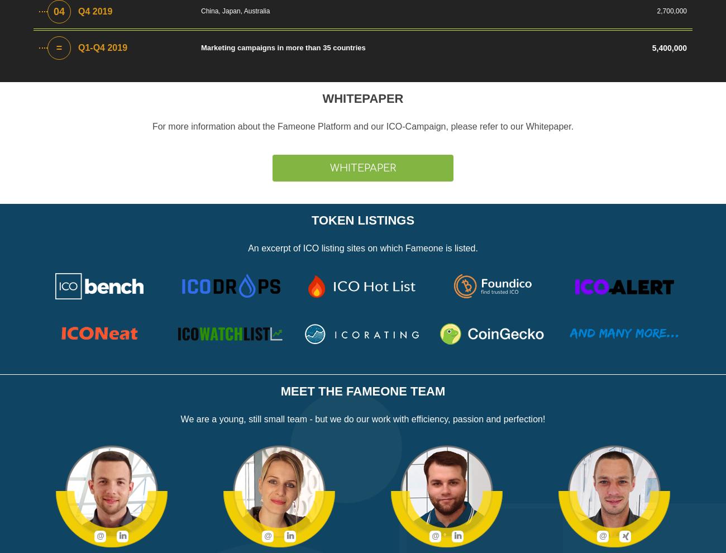 The width and height of the screenshot is (726, 553). I want to click on '04', so click(59, 11).